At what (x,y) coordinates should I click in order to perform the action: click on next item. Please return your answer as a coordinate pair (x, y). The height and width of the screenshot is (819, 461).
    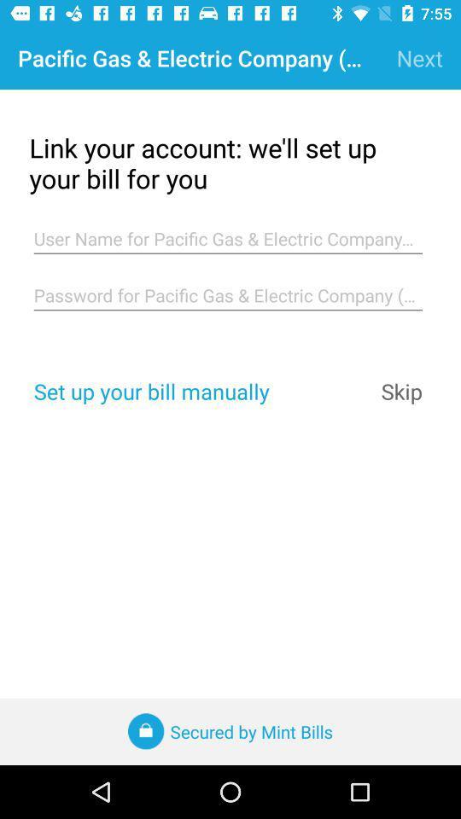
    Looking at the image, I should click on (418, 58).